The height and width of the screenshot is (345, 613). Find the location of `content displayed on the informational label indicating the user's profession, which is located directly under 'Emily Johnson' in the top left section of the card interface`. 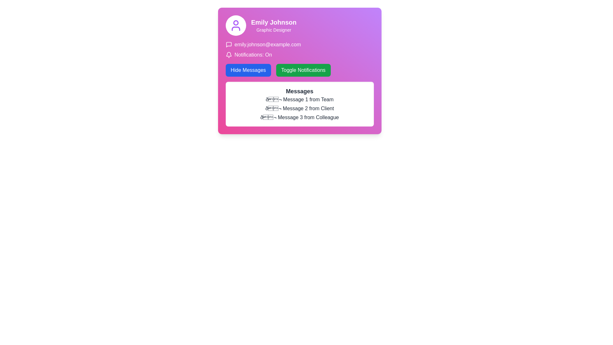

content displayed on the informational label indicating the user's profession, which is located directly under 'Emily Johnson' in the top left section of the card interface is located at coordinates (274, 30).